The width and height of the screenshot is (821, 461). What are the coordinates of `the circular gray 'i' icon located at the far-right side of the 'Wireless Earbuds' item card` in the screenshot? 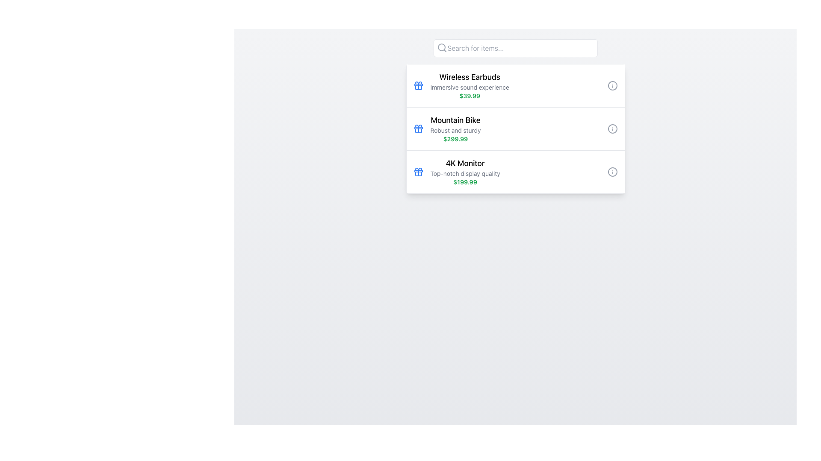 It's located at (612, 85).